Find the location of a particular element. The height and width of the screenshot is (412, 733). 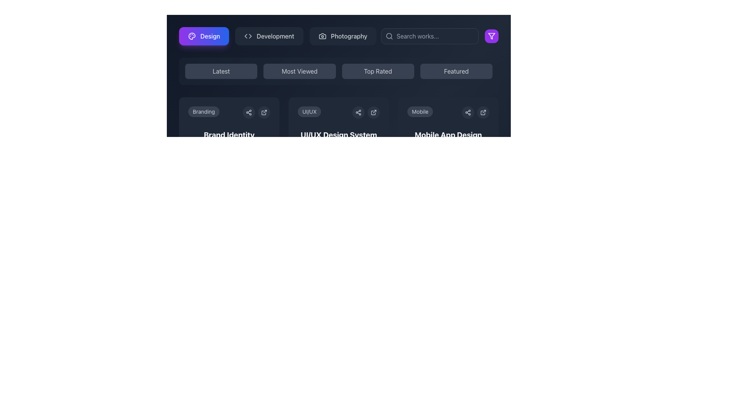

the text label displaying 'Photography', which is white and set against a dark background within the navigation bar at the top of the interface is located at coordinates (349, 36).